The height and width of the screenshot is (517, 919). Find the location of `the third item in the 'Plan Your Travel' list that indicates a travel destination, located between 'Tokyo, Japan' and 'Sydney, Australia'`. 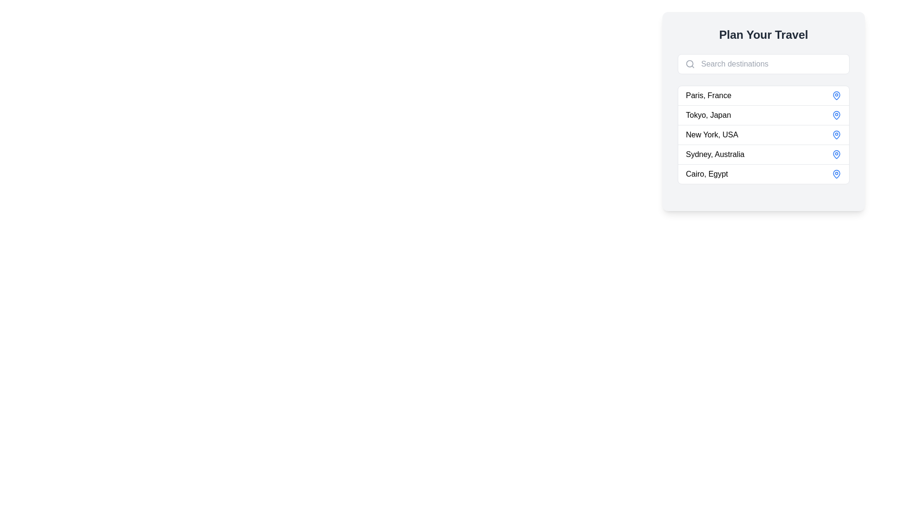

the third item in the 'Plan Your Travel' list that indicates a travel destination, located between 'Tokyo, Japan' and 'Sydney, Australia' is located at coordinates (763, 135).